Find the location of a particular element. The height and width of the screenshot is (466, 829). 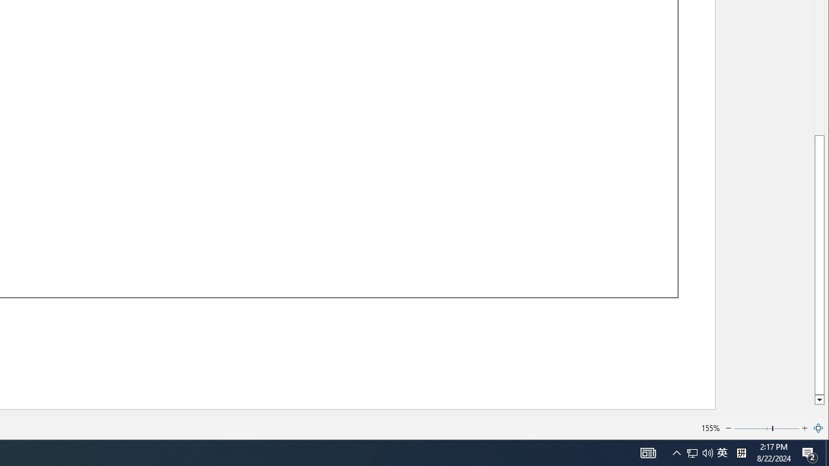

'155%' is located at coordinates (709, 428).